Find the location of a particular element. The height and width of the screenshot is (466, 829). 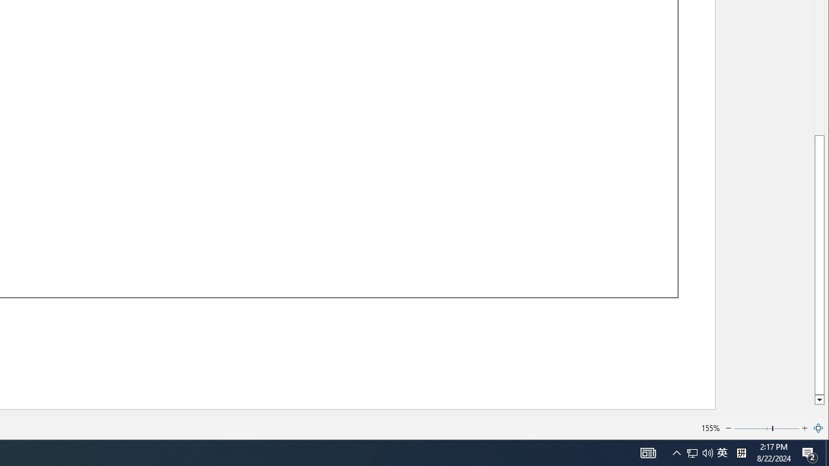

'155%' is located at coordinates (709, 428).